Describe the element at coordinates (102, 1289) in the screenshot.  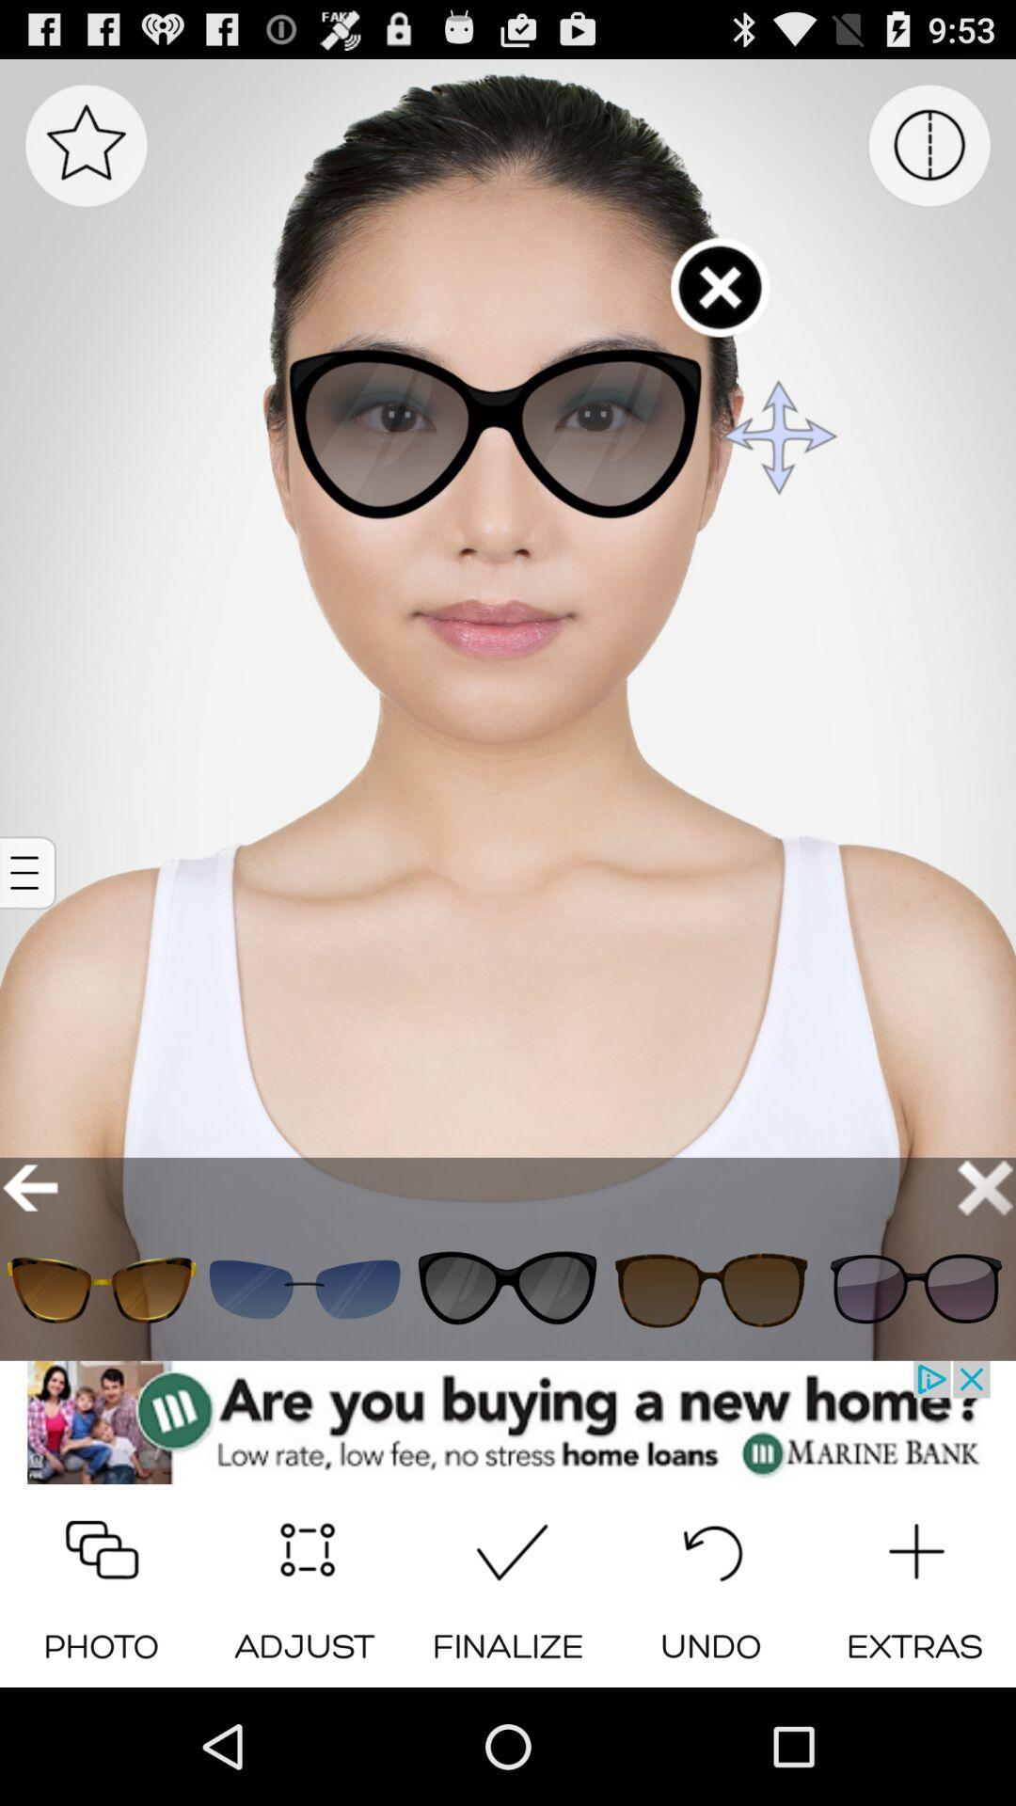
I see `see this style on the model` at that location.